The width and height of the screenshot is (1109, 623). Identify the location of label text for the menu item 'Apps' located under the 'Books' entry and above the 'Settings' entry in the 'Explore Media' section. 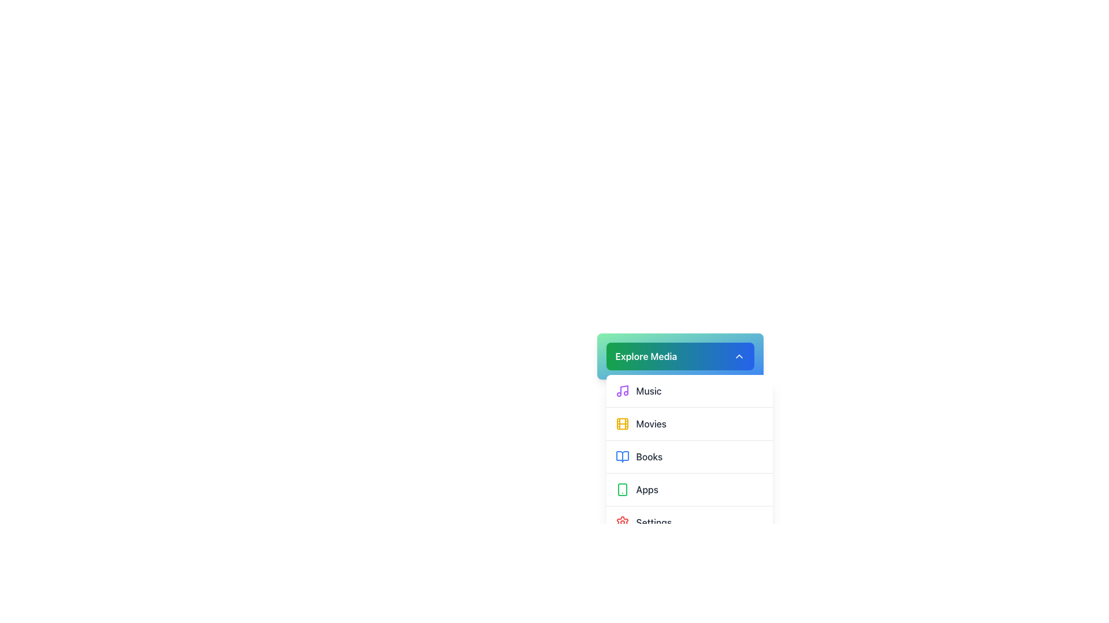
(647, 489).